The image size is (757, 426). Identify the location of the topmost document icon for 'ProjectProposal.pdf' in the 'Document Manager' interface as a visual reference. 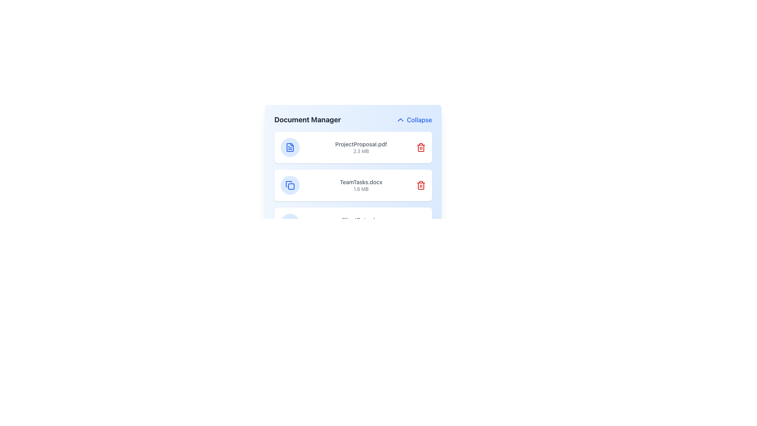
(289, 148).